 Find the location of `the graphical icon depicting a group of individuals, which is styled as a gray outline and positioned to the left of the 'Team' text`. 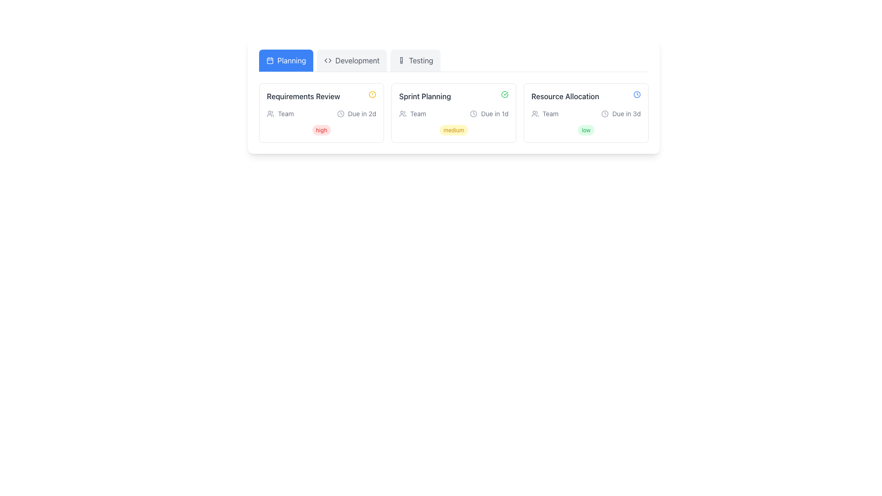

the graphical icon depicting a group of individuals, which is styled as a gray outline and positioned to the left of the 'Team' text is located at coordinates (403, 113).